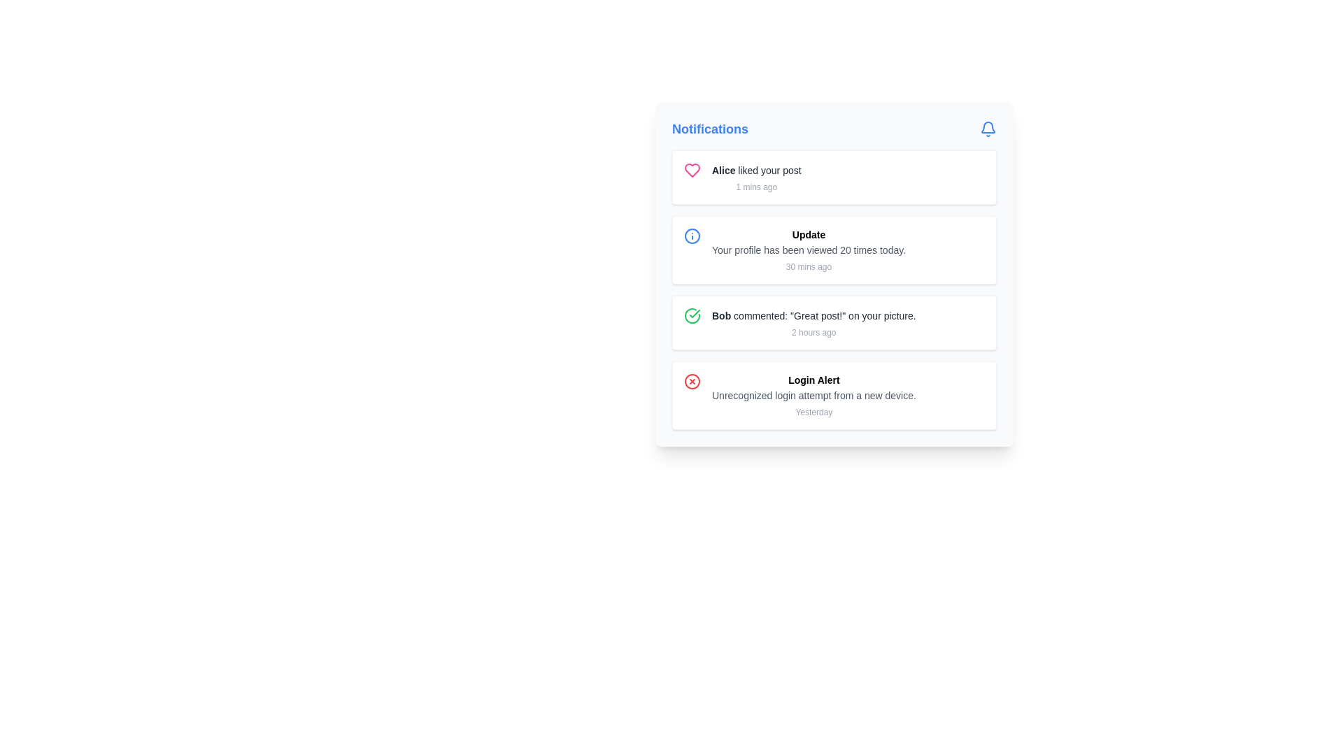 This screenshot has width=1343, height=755. What do you see at coordinates (721, 315) in the screenshot?
I see `the static text label displaying 'Bob' in the third notification item from the top in the notification panel` at bounding box center [721, 315].